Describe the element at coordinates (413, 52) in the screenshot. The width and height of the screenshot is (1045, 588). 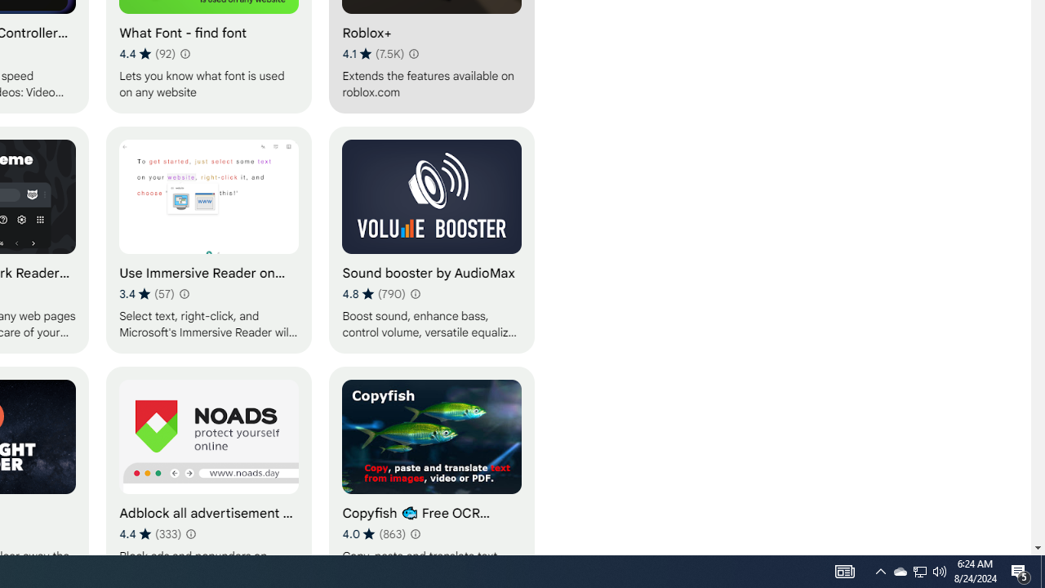
I see `'Learn more about results and reviews "Roblox+"'` at that location.